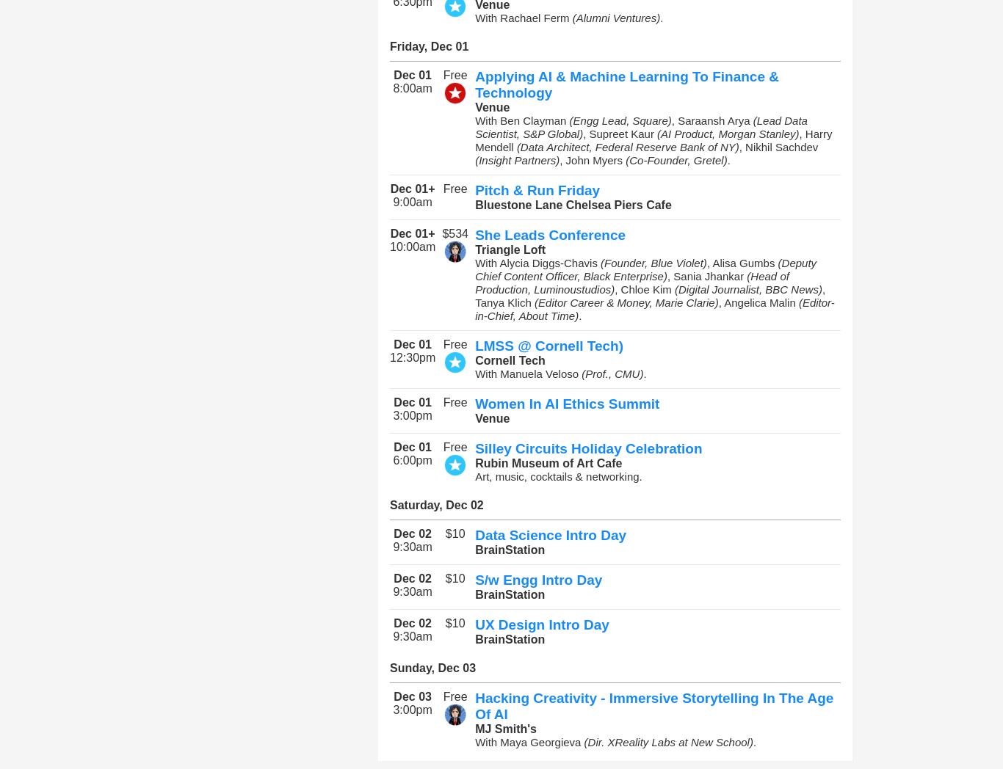  Describe the element at coordinates (432, 667) in the screenshot. I see `'Sunday, Dec 03'` at that location.